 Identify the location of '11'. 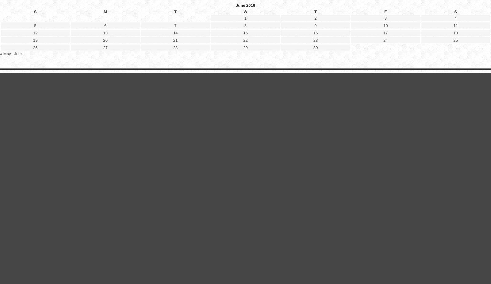
(455, 177).